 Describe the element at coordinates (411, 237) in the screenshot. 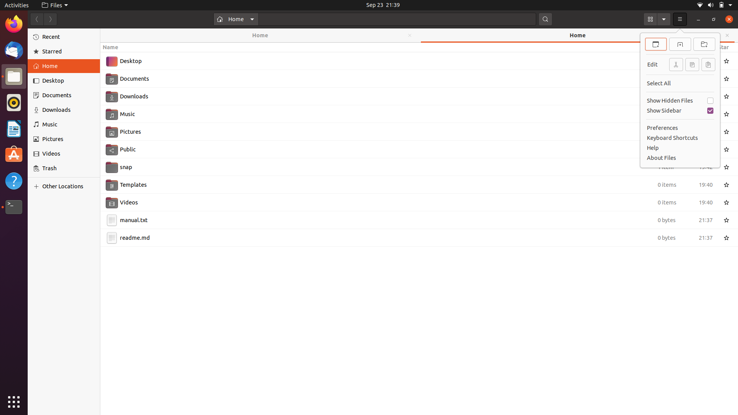

I see `Make a copy of the file named readme.md via keyboard commands` at that location.